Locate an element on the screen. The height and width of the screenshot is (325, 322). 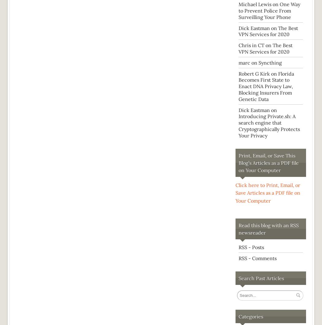
'Search Past Articles' is located at coordinates (261, 278).